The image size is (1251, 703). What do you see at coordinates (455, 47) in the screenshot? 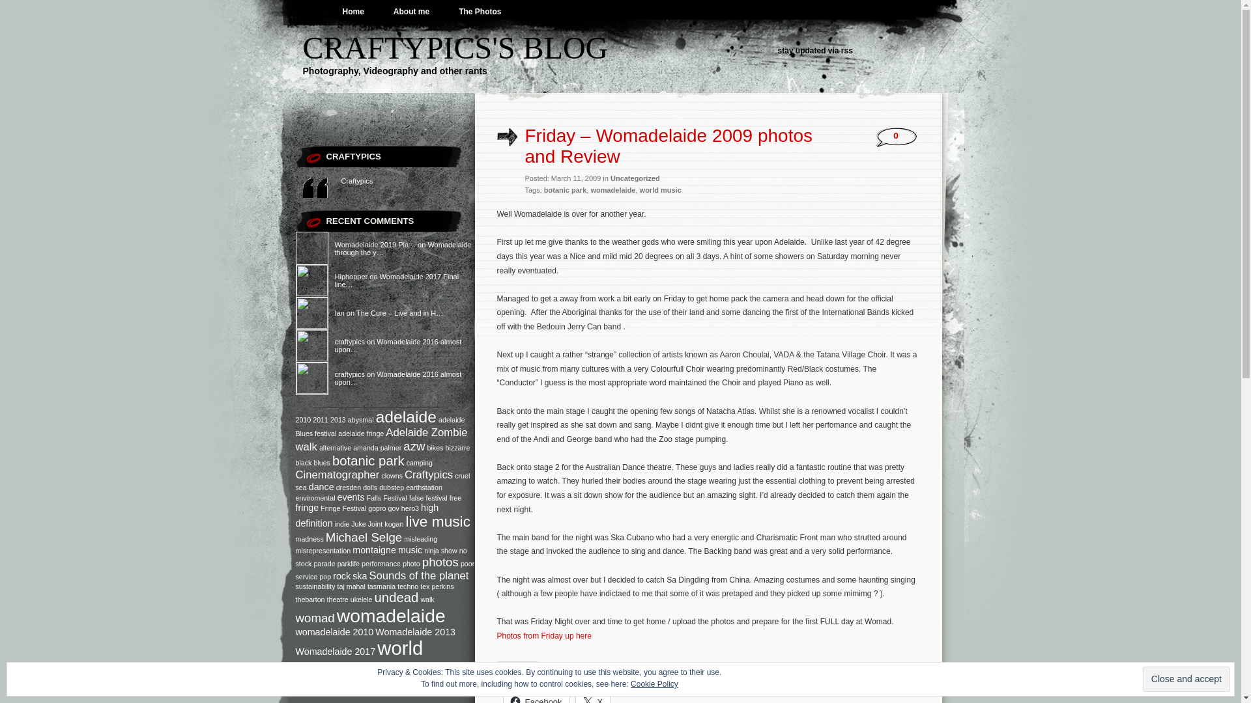
I see `'CRAFTYPICS'S BLOG'` at bounding box center [455, 47].